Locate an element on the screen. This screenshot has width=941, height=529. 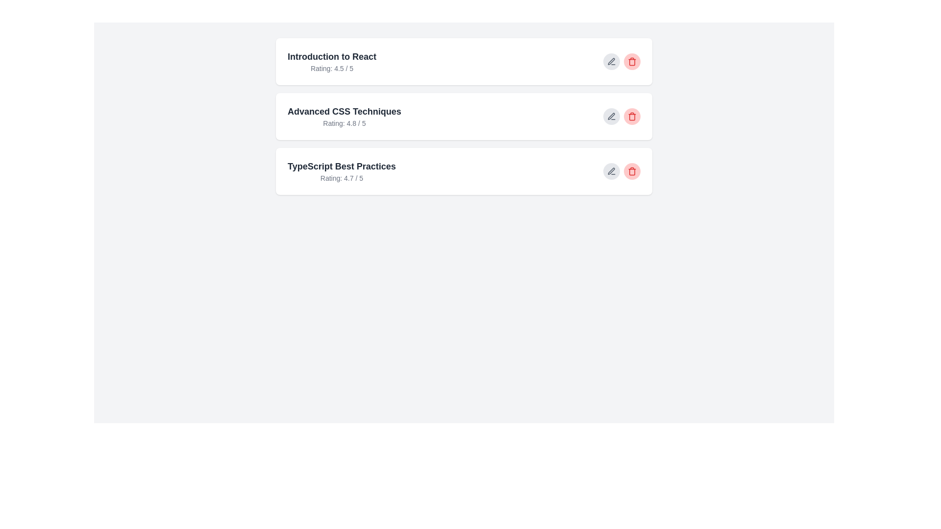
the trash can icon is located at coordinates (632, 116).